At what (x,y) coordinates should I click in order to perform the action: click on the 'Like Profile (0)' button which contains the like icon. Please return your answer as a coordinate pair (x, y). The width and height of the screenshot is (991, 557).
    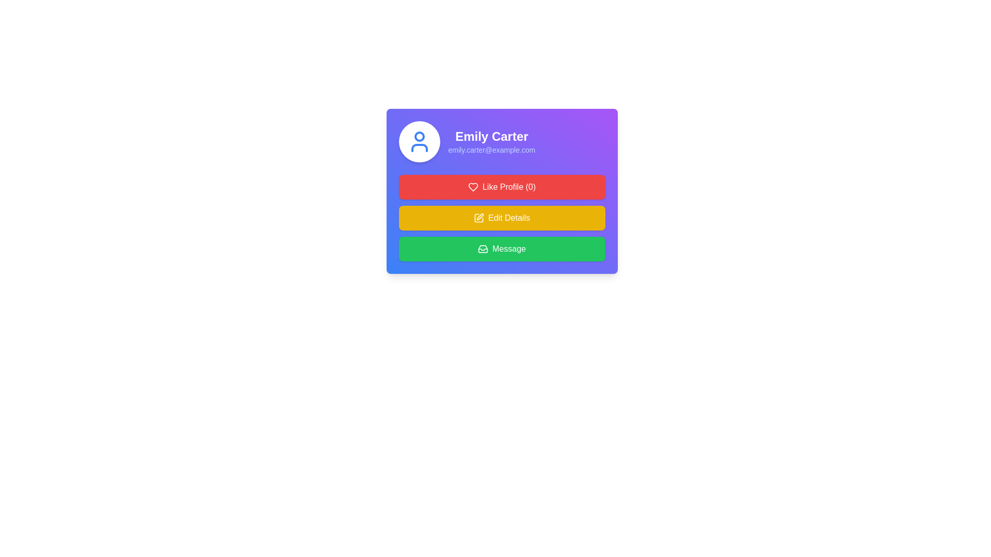
    Looking at the image, I should click on (472, 187).